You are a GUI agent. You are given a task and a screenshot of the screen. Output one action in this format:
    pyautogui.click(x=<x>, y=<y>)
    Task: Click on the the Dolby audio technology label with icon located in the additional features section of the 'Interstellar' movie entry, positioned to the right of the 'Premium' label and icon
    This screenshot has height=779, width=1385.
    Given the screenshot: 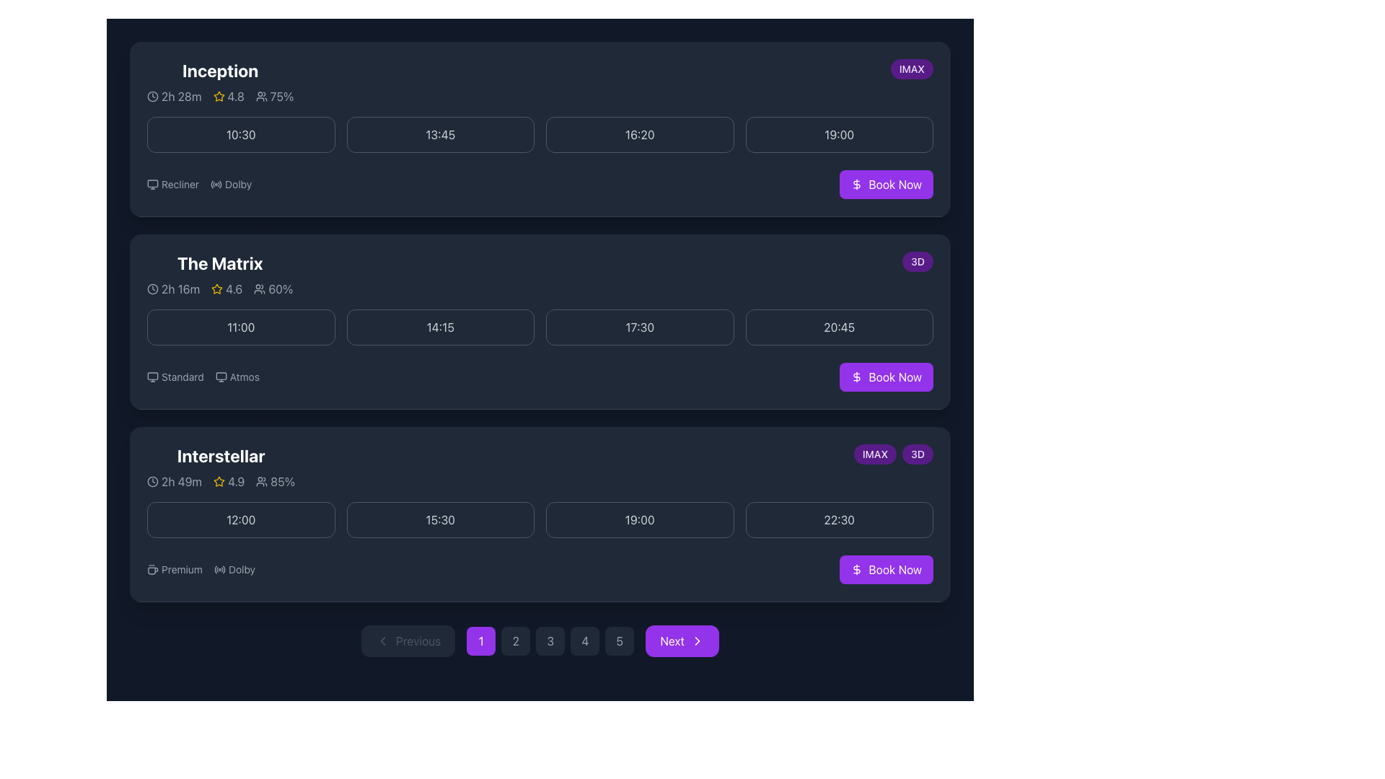 What is the action you would take?
    pyautogui.click(x=234, y=569)
    